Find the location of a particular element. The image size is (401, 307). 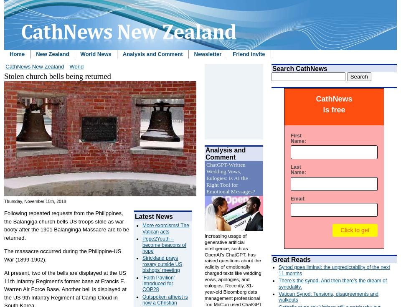

'More exorcisms! The Vatican acts' is located at coordinates (142, 228).